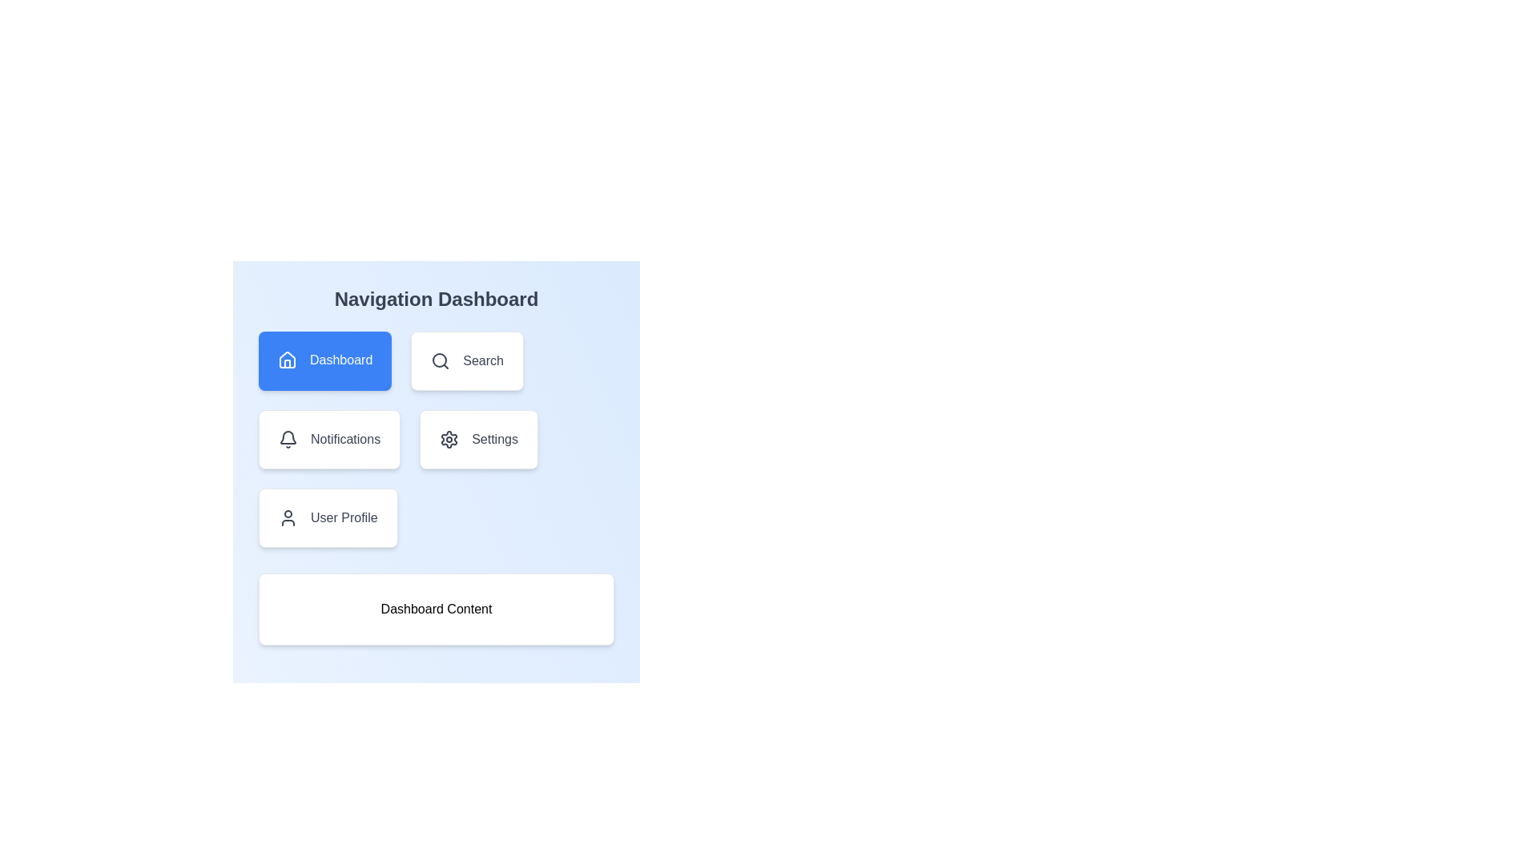  I want to click on the settings button located, so click(478, 439).